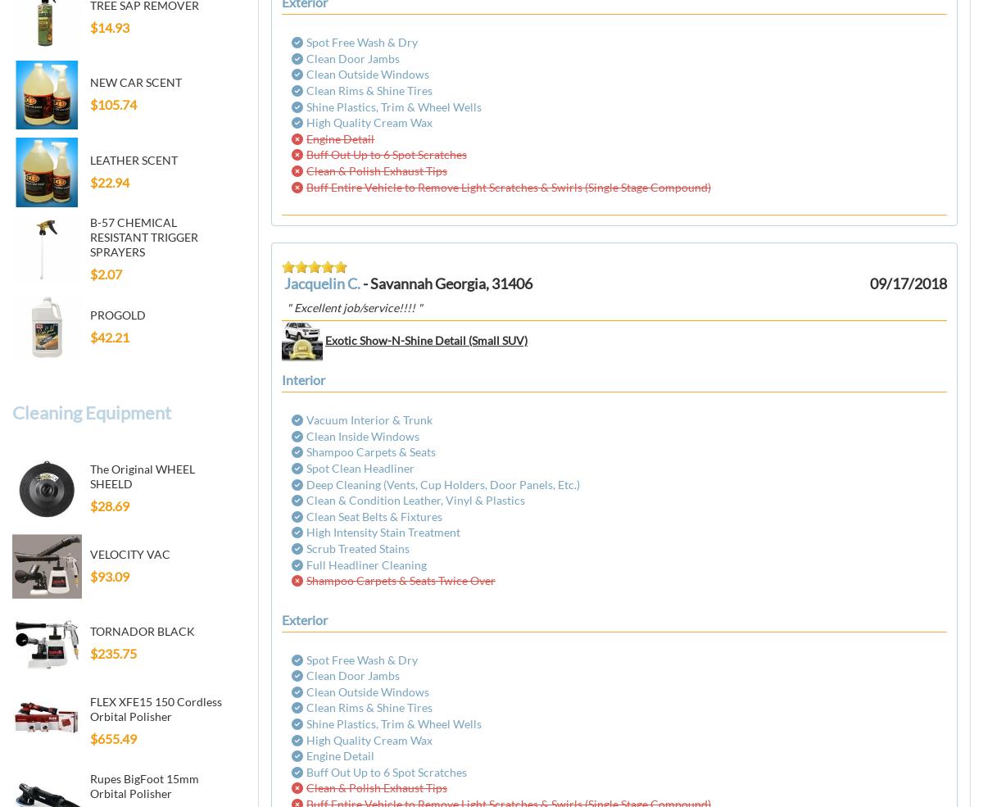 This screenshot has width=983, height=807. Describe the element at coordinates (366, 563) in the screenshot. I see `'Full Headliner Cleaning'` at that location.